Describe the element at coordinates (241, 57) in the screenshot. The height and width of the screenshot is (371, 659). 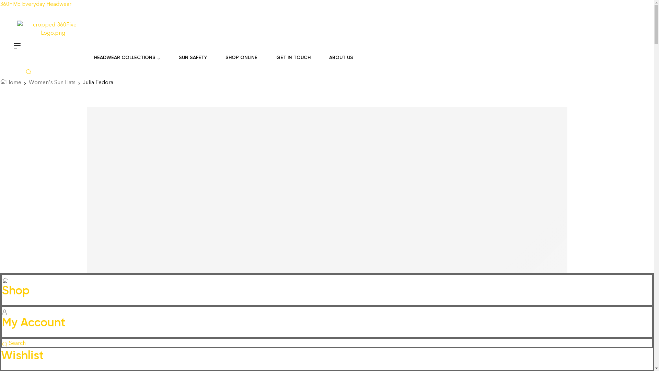
I see `'SHOP ONLINE'` at that location.